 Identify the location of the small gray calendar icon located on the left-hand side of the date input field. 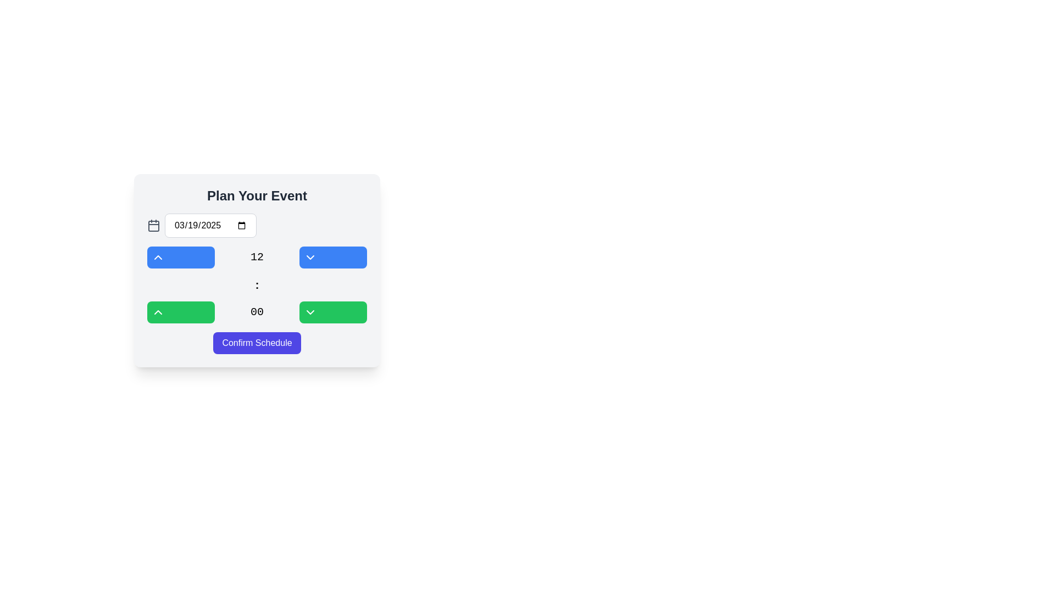
(153, 225).